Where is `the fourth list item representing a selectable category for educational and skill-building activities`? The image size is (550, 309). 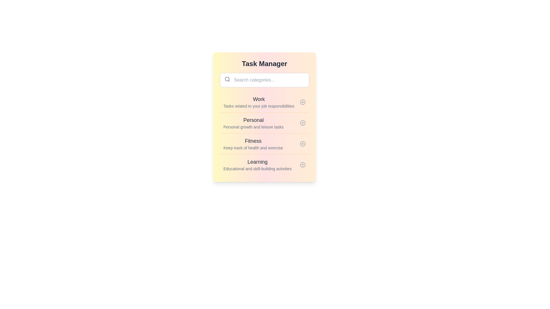
the fourth list item representing a selectable category for educational and skill-building activities is located at coordinates (264, 165).